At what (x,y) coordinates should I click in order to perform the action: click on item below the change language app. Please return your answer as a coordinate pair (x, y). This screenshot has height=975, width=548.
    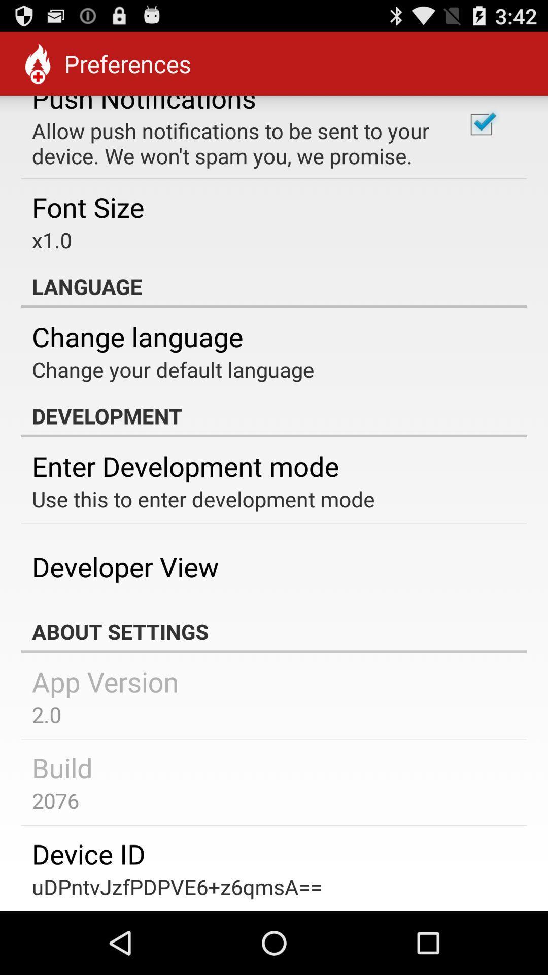
    Looking at the image, I should click on (173, 369).